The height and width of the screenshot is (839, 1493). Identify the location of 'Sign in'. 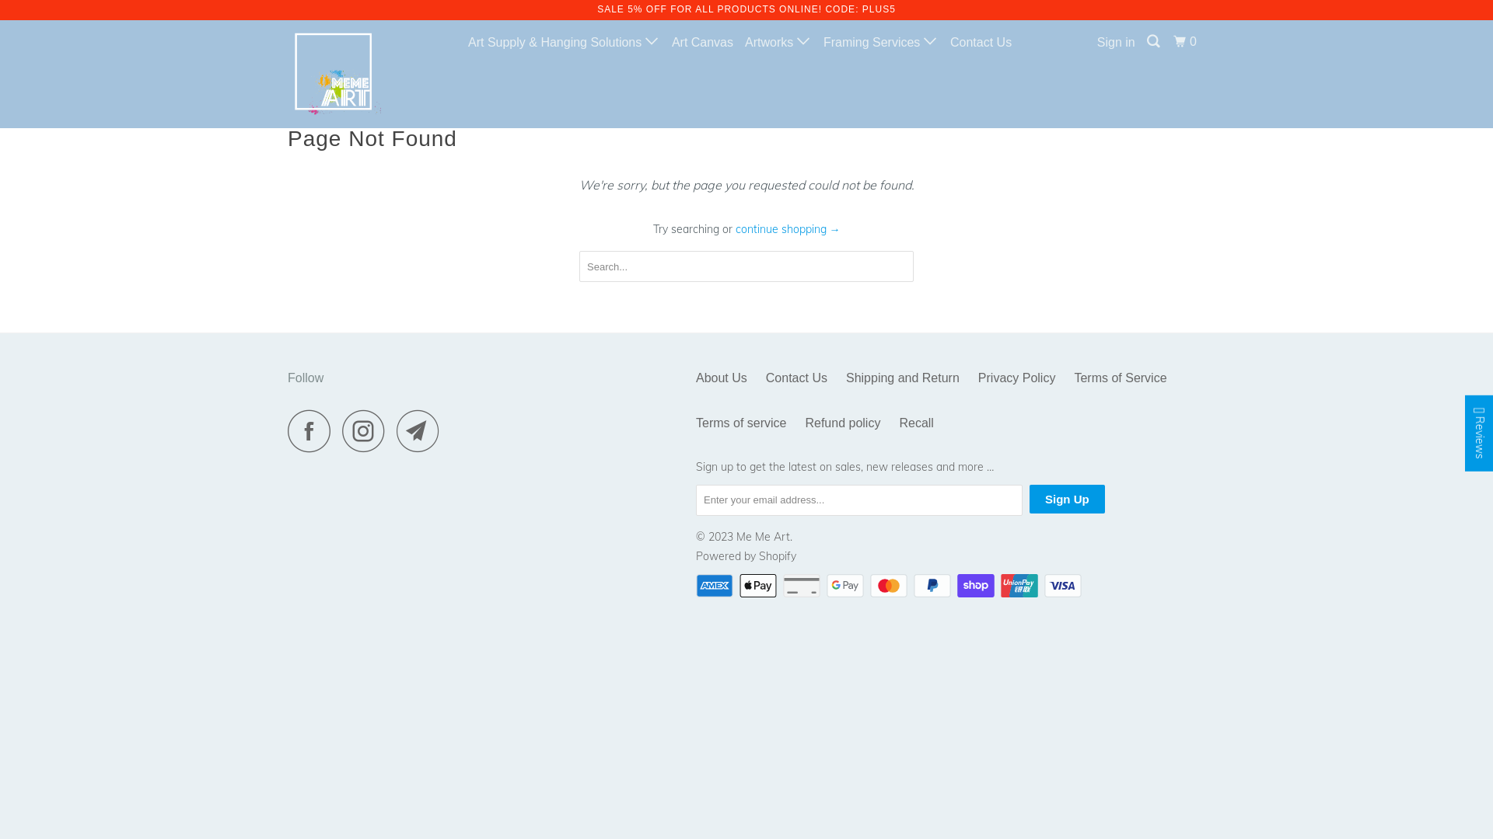
(1093, 41).